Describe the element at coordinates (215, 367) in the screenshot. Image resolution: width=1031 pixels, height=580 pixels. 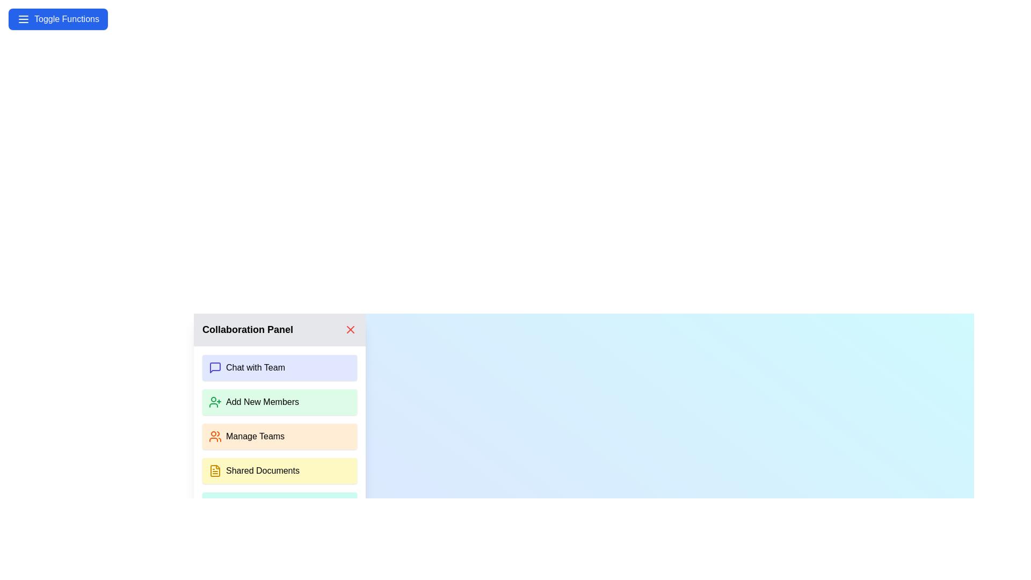
I see `the SVG Icon representing the messaging feature, which is located in the top-left corner of the 'Chat with Team' button` at that location.